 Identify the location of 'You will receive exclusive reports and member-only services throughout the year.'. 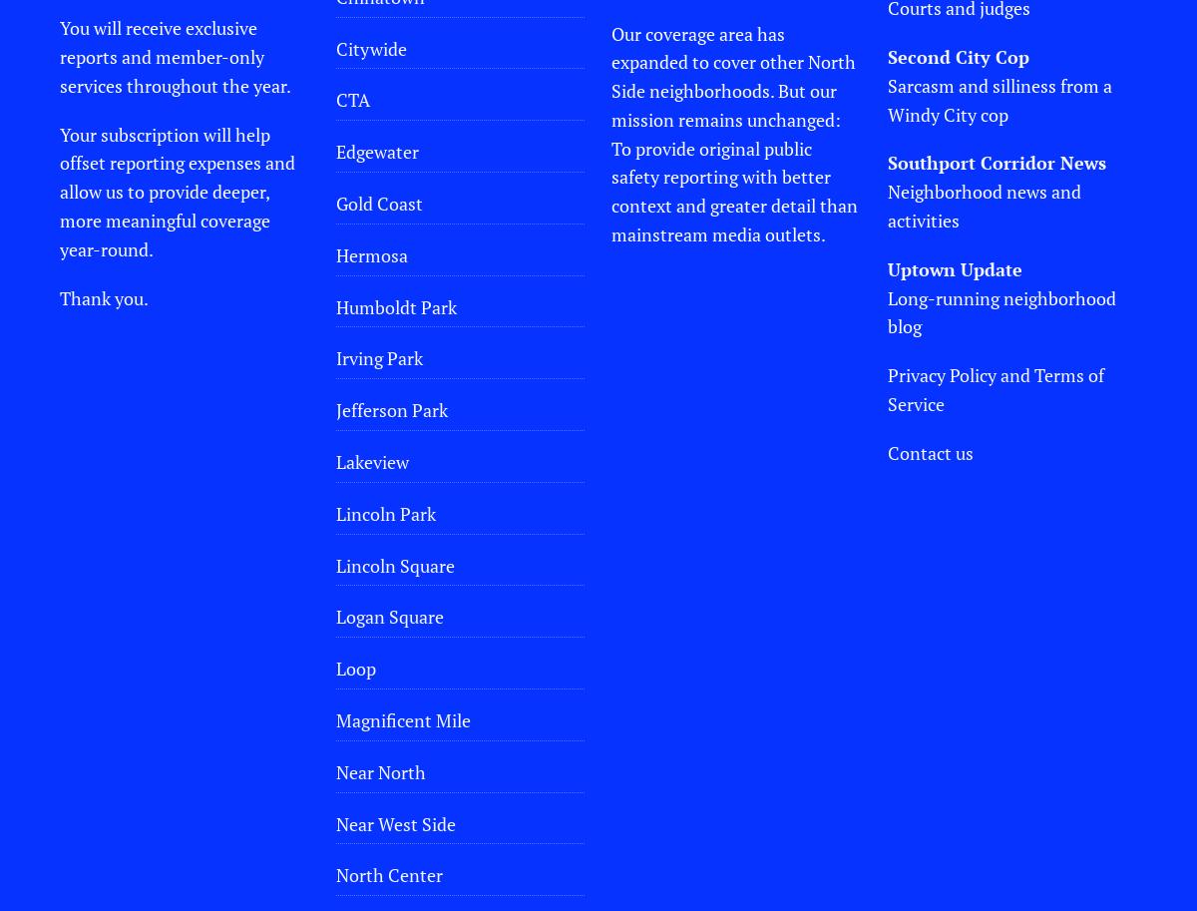
(175, 55).